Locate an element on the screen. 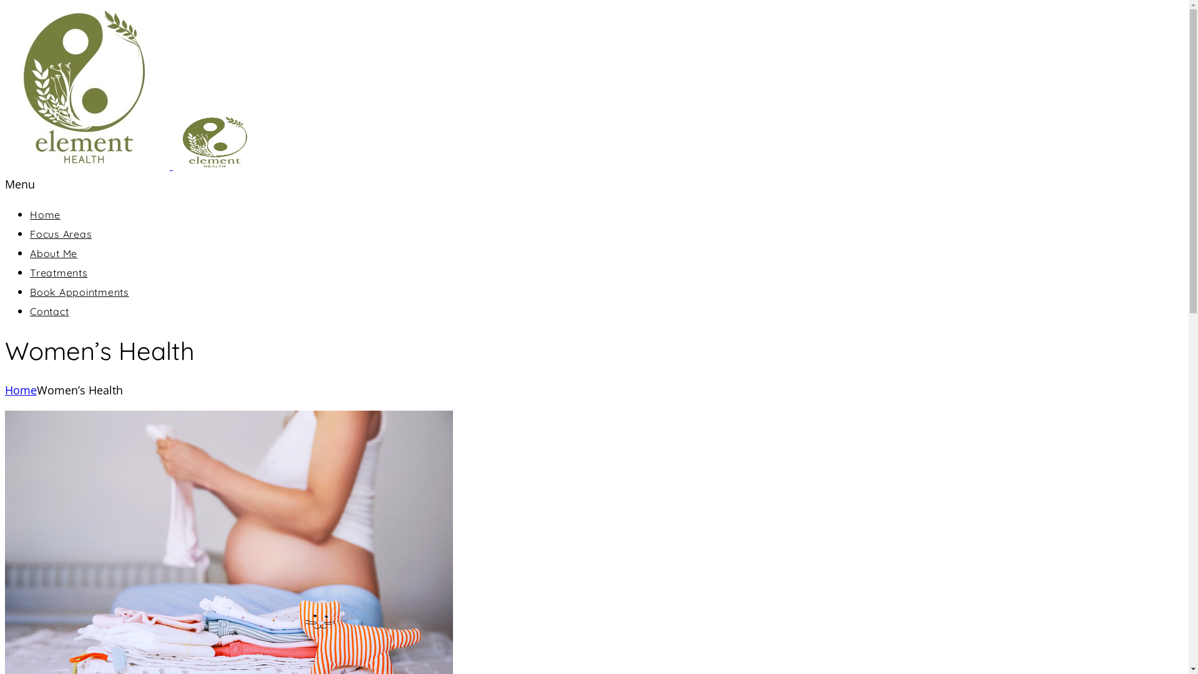  'About Me' is located at coordinates (53, 253).